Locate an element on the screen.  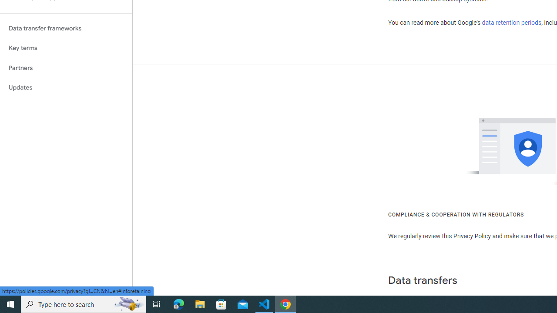
'Updates' is located at coordinates (66, 87).